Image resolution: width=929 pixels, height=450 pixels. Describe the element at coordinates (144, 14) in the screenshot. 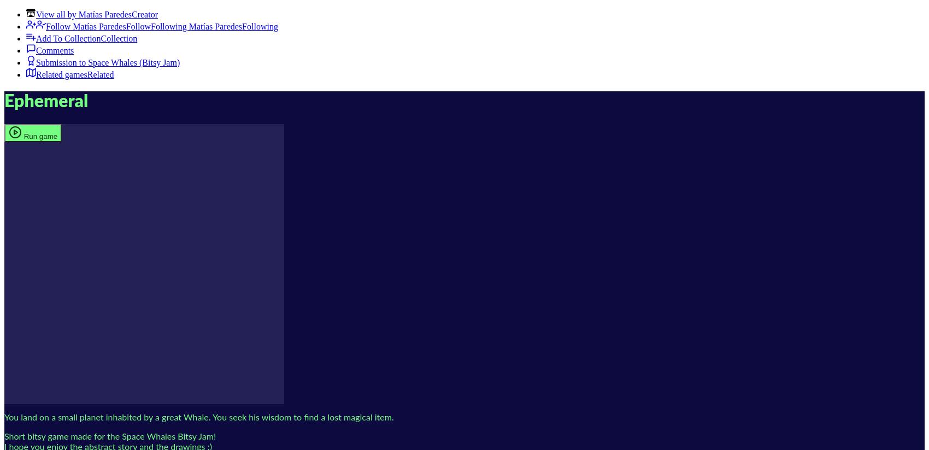

I see `'Creator'` at that location.